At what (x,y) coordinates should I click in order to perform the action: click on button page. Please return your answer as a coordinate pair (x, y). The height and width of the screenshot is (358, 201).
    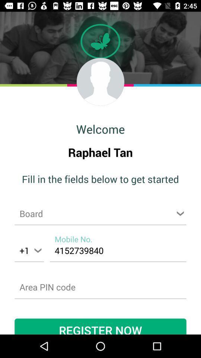
    Looking at the image, I should click on (100, 213).